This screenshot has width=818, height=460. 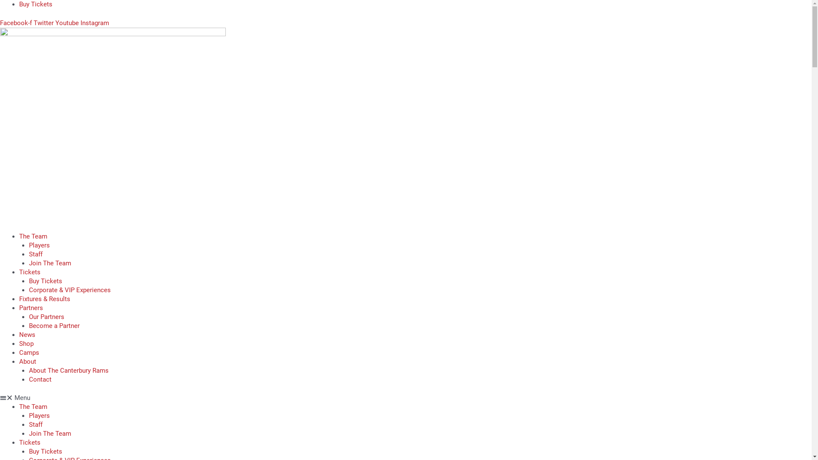 I want to click on 'Staff', so click(x=35, y=254).